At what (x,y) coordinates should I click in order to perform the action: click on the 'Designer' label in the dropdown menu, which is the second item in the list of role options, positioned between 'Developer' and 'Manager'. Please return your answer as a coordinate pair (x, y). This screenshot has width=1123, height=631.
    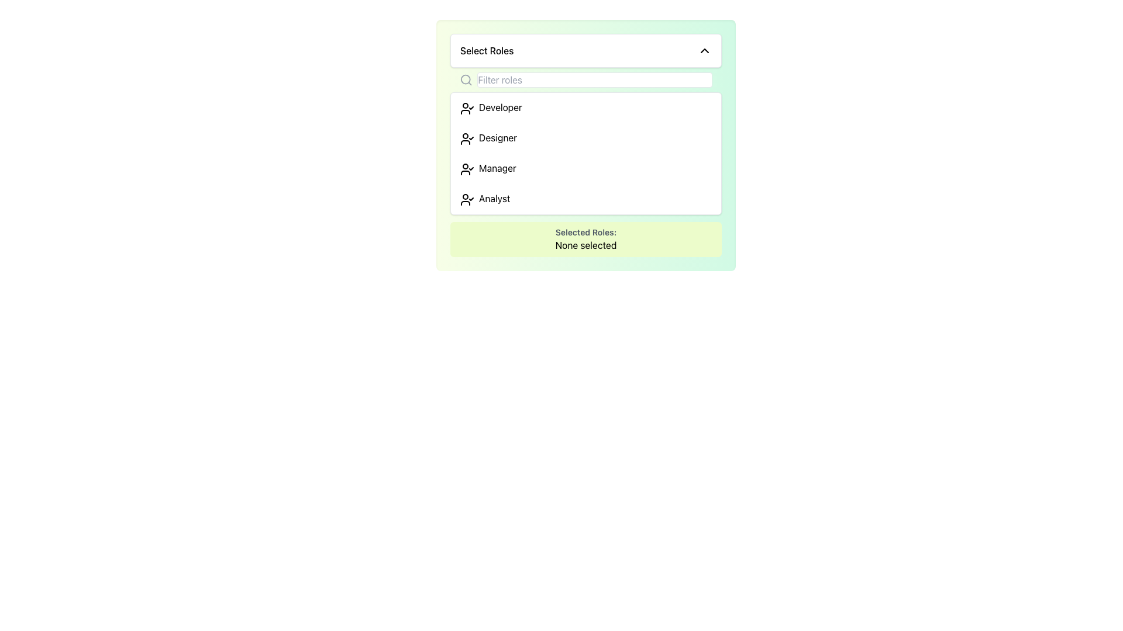
    Looking at the image, I should click on (488, 137).